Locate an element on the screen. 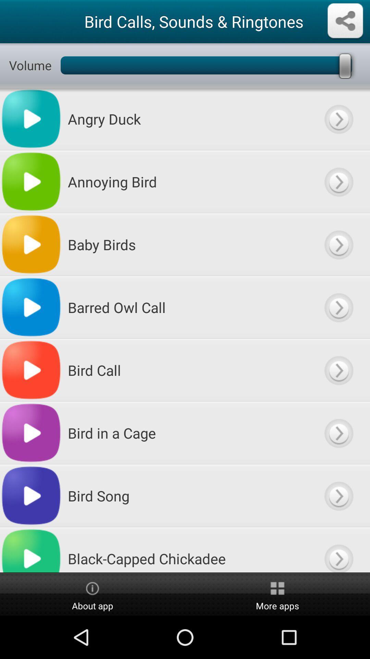 The image size is (370, 659). sound is located at coordinates (338, 496).